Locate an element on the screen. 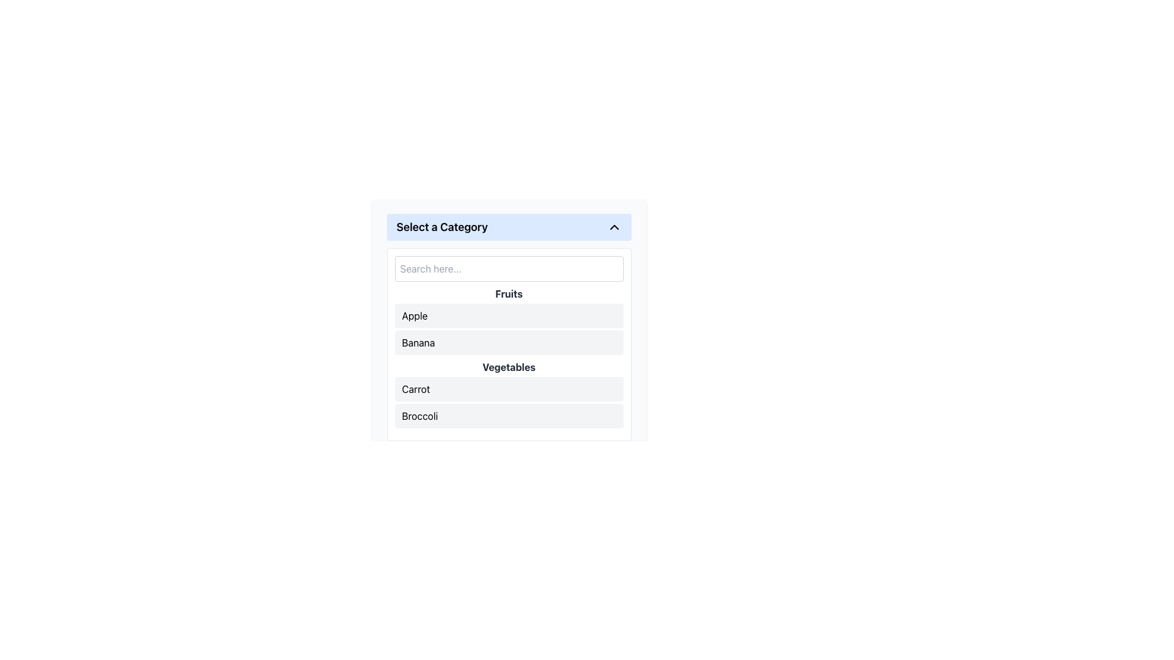 Image resolution: width=1174 pixels, height=660 pixels. the 'Fruits' category in the list section of the categorized menu is located at coordinates (509, 320).